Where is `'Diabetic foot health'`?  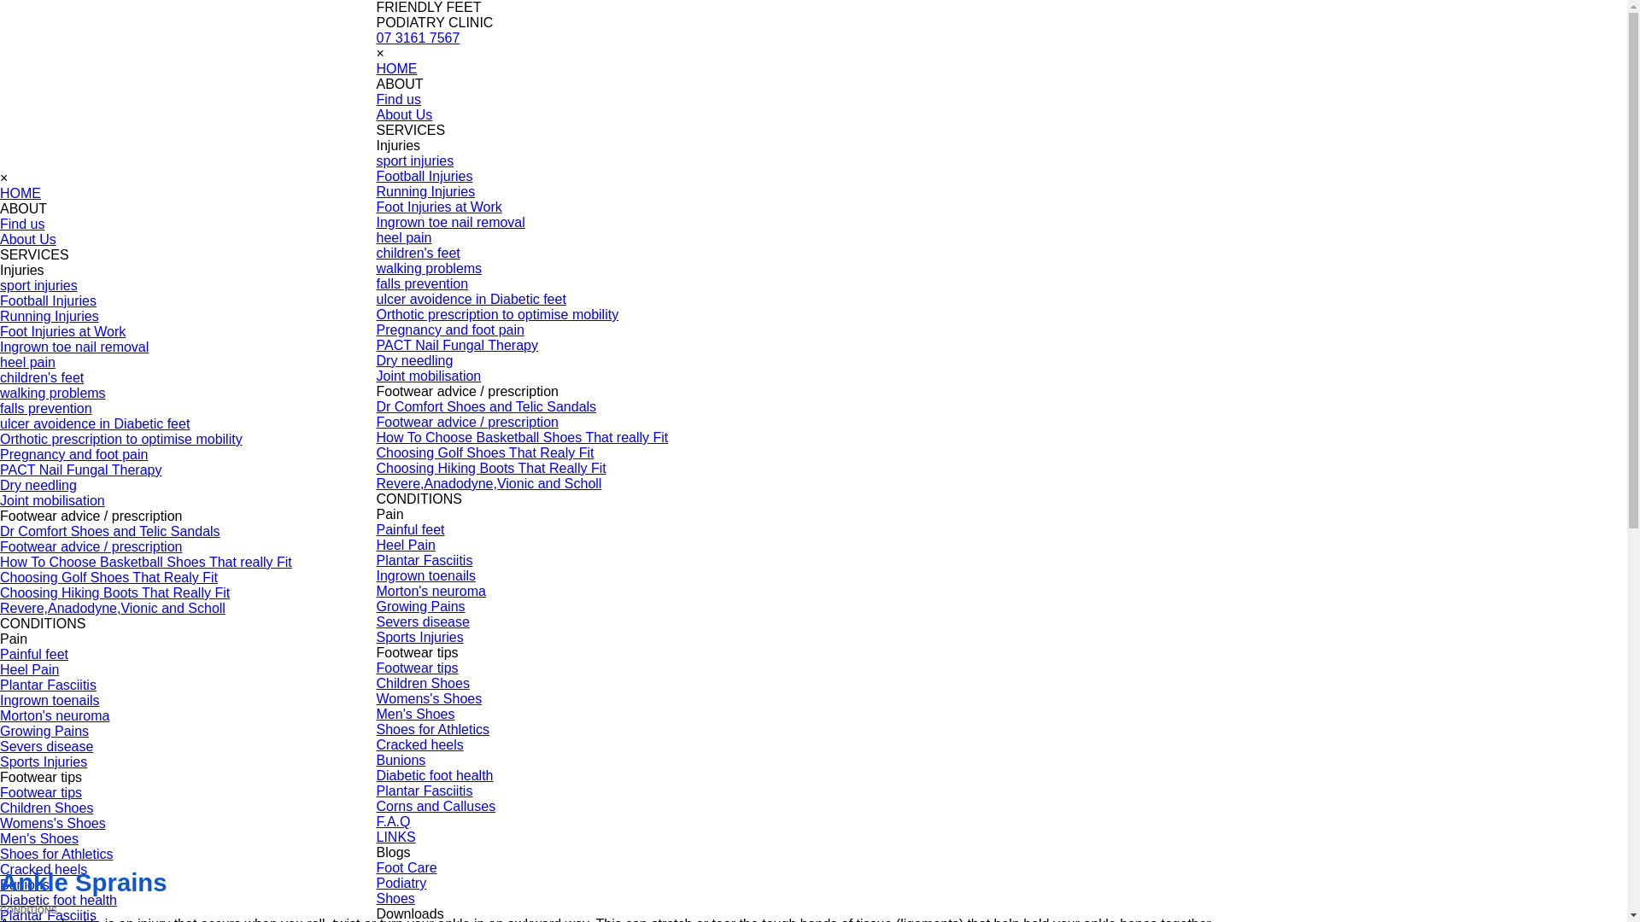
'Diabetic foot health' is located at coordinates (434, 775).